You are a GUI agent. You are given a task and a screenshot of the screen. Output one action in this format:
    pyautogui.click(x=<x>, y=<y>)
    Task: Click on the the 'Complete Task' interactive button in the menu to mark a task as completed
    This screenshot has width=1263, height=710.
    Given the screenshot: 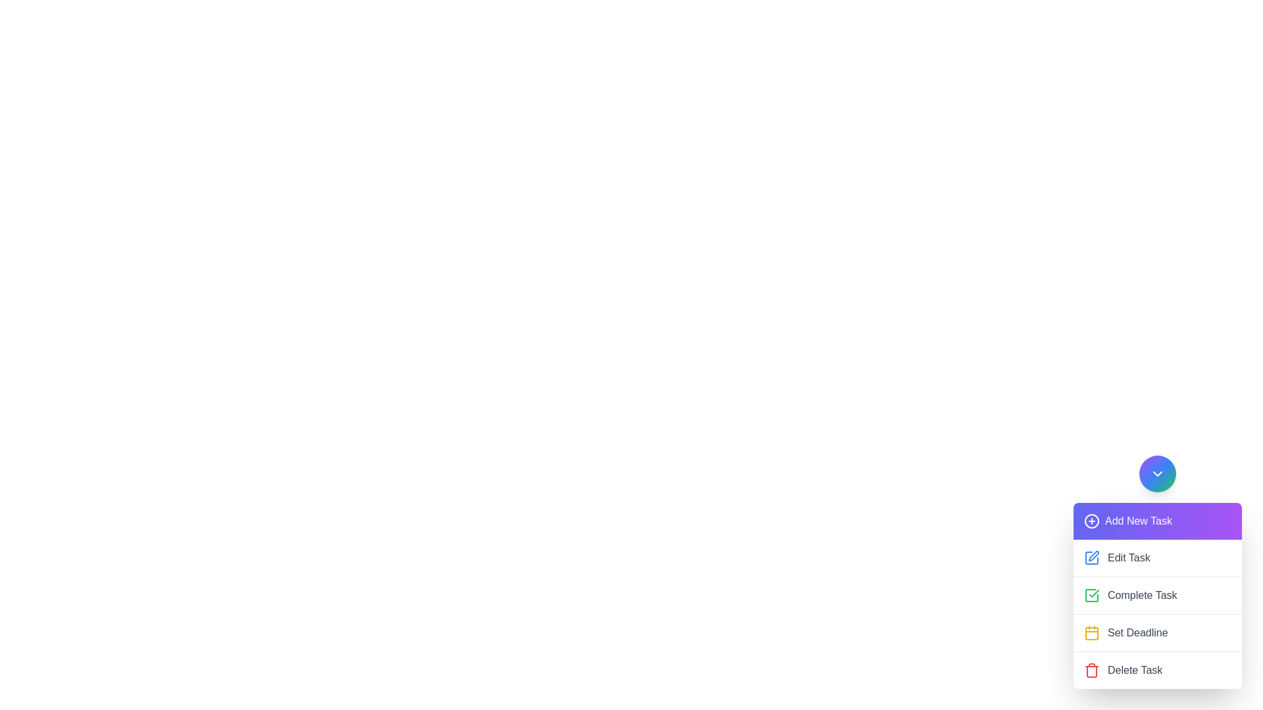 What is the action you would take?
    pyautogui.click(x=1158, y=613)
    